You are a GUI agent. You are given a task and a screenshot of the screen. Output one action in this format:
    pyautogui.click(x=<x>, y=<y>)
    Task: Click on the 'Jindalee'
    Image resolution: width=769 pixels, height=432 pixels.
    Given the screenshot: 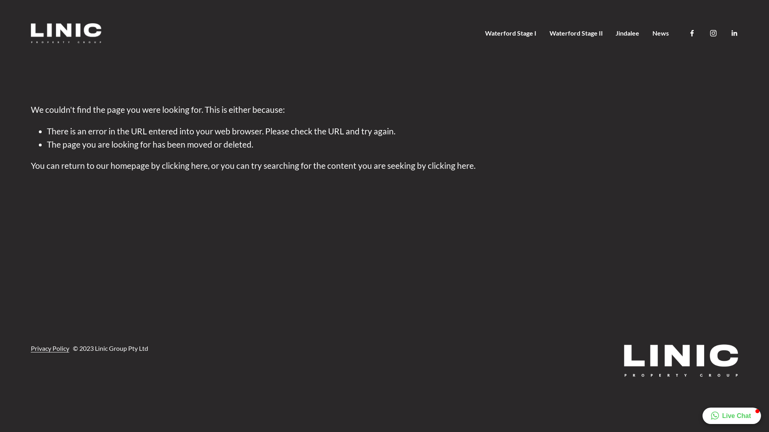 What is the action you would take?
    pyautogui.click(x=627, y=32)
    